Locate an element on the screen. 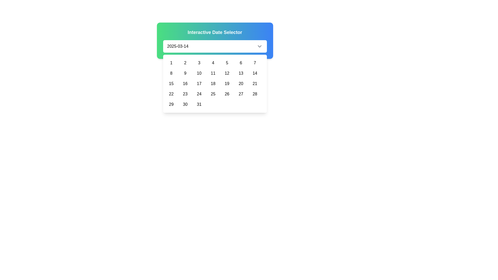 This screenshot has height=280, width=498. the button displaying the number '22' in a bold and centered manner within a square box that has rounded corners is located at coordinates (171, 94).